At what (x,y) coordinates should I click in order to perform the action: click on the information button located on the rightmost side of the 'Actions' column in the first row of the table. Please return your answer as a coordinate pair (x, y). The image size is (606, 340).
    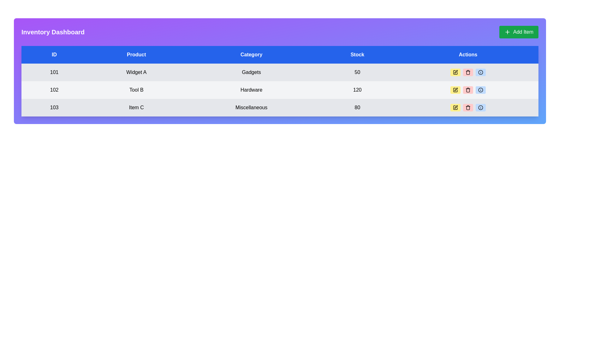
    Looking at the image, I should click on (480, 72).